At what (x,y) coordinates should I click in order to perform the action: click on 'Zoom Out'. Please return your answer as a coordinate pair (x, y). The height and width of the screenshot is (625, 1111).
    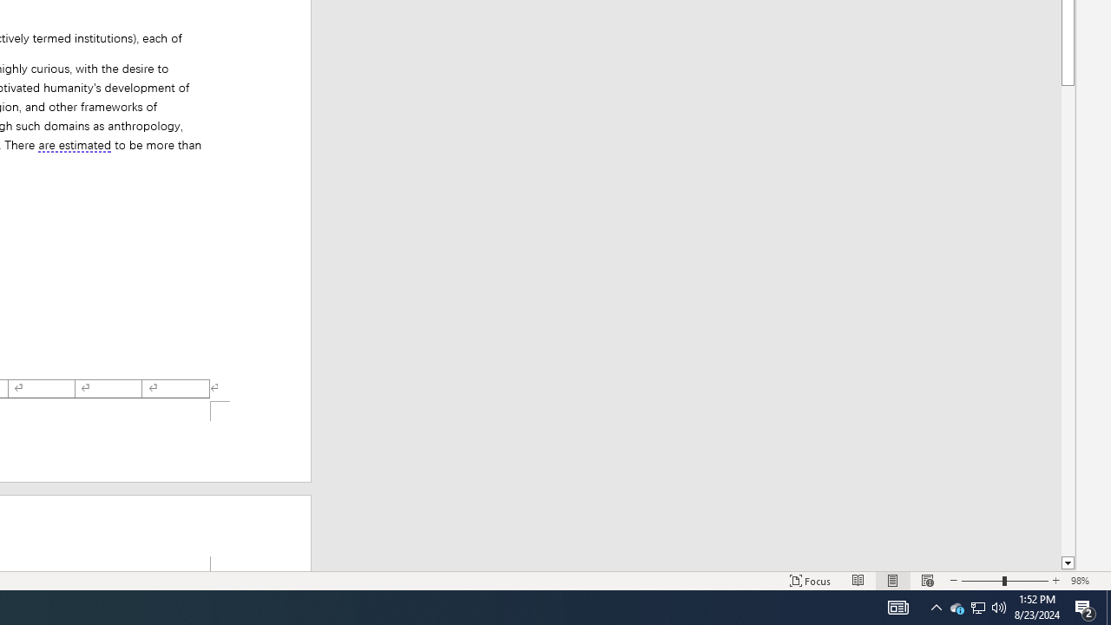
    Looking at the image, I should click on (982, 581).